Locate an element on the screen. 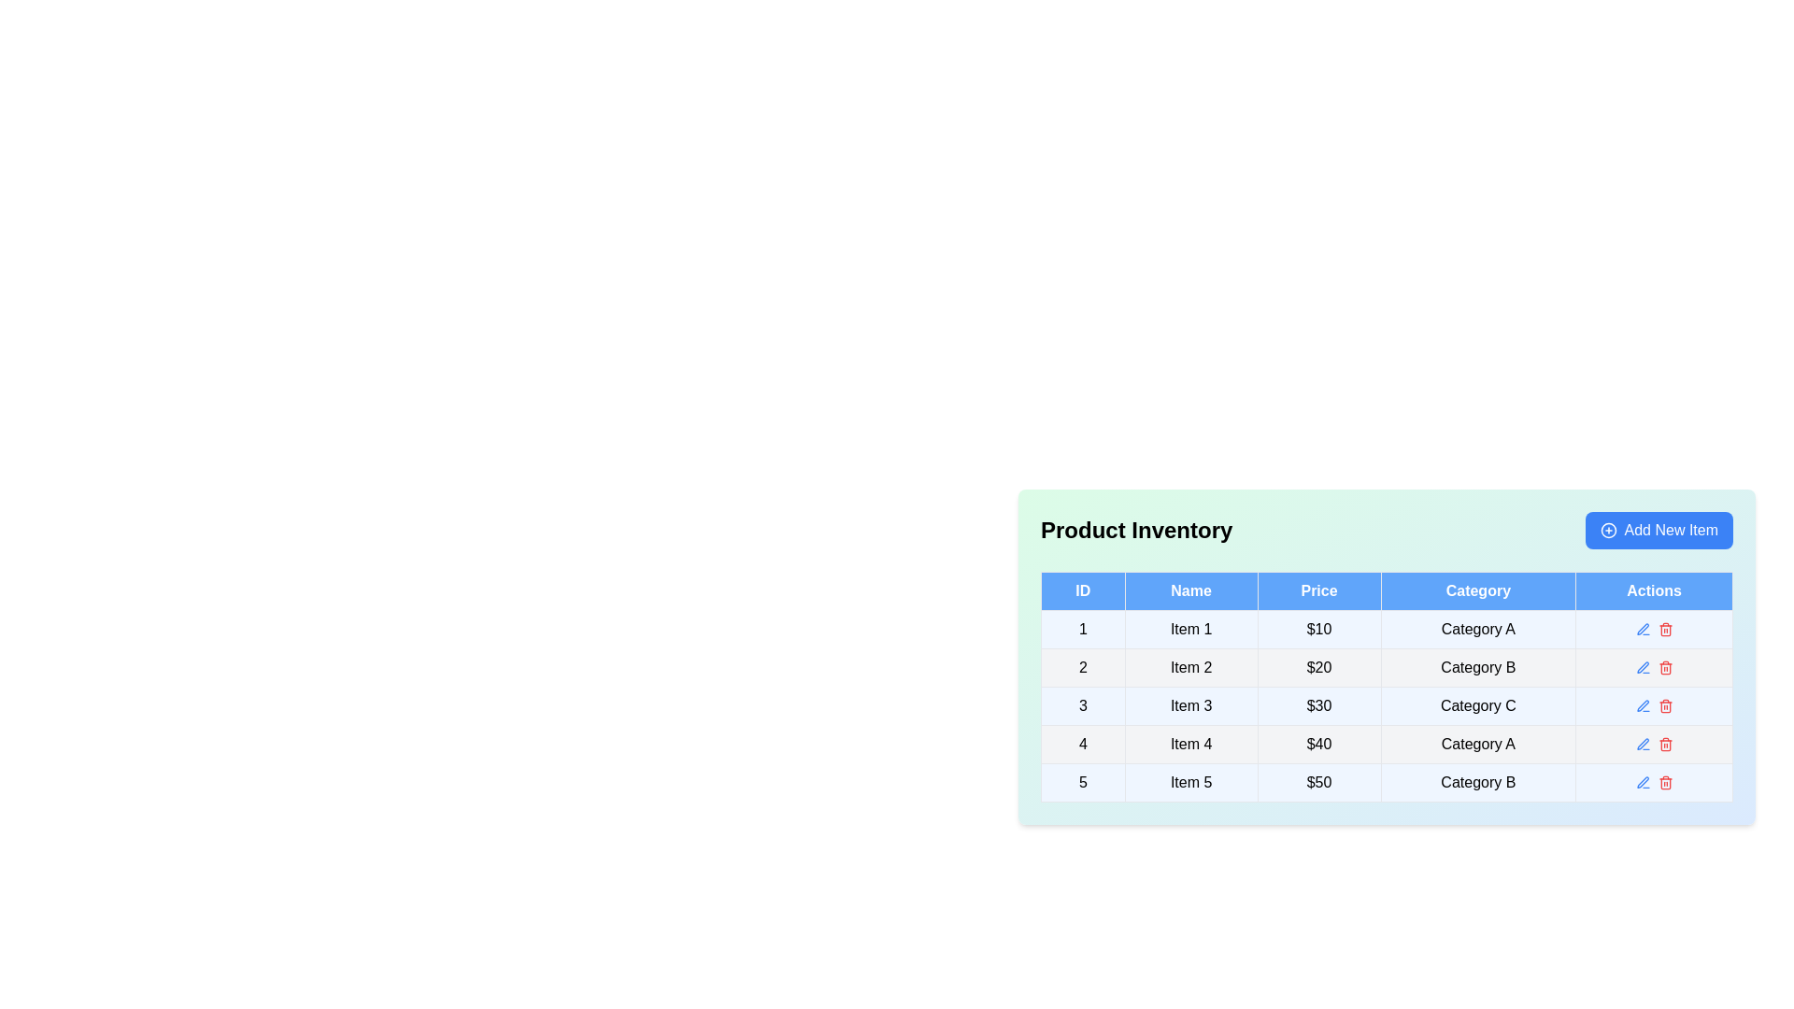 Image resolution: width=1794 pixels, height=1009 pixels. the third row of the product inventory table, which contains details for 'Item 3' including its ID, Price, and Category is located at coordinates (1387, 706).